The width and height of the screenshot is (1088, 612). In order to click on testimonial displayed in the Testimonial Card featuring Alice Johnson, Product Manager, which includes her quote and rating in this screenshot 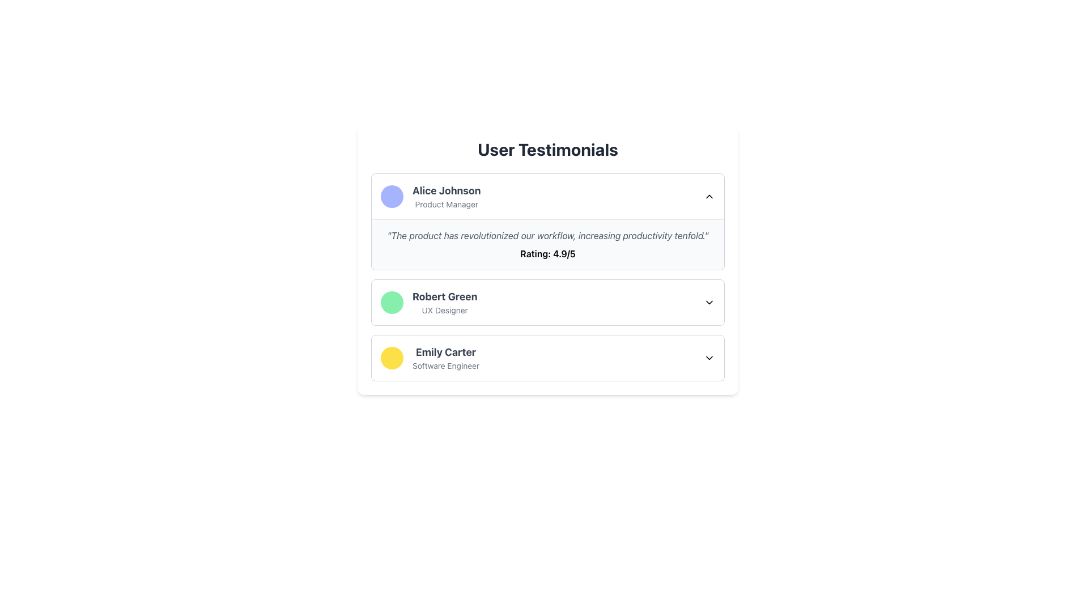, I will do `click(547, 222)`.